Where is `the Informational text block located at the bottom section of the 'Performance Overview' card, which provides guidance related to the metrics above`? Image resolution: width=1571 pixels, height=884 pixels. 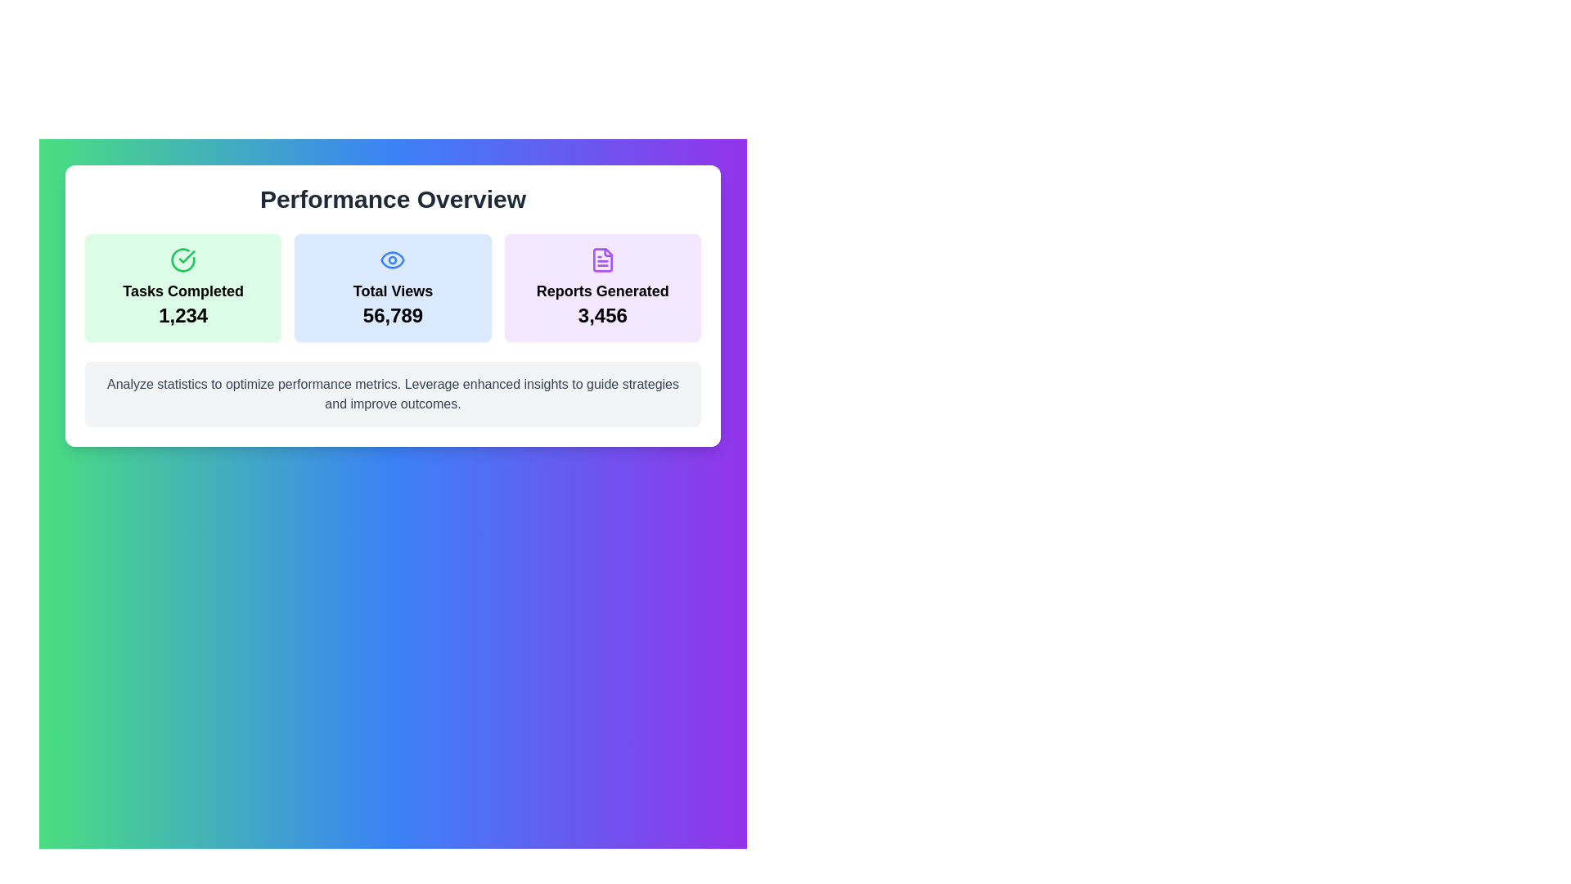
the Informational text block located at the bottom section of the 'Performance Overview' card, which provides guidance related to the metrics above is located at coordinates (393, 395).